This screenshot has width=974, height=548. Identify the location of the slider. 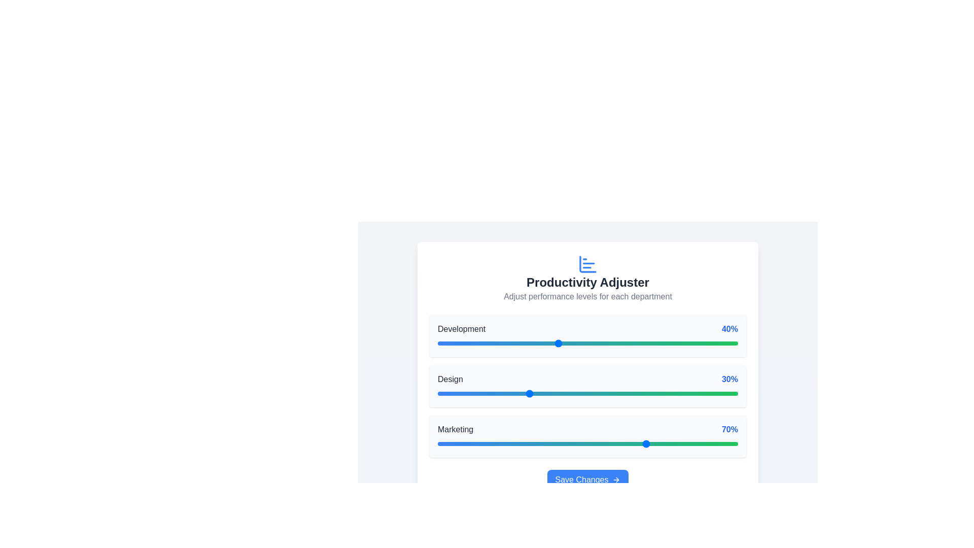
(525, 393).